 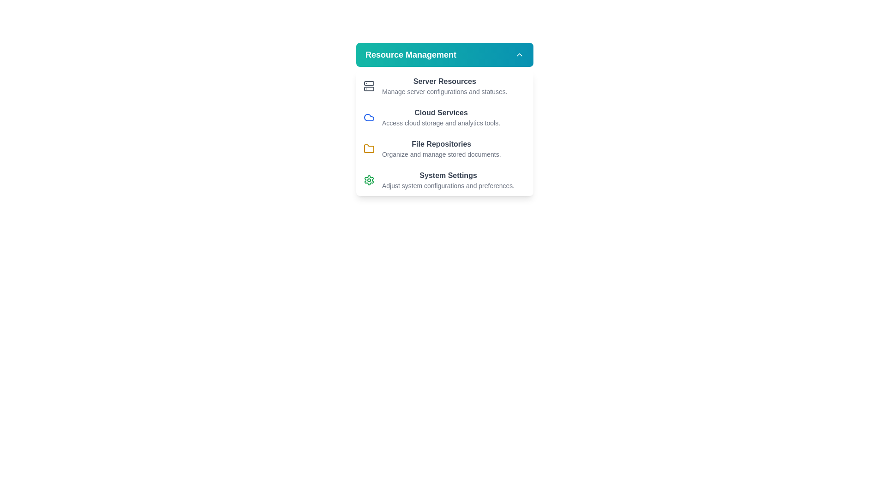 I want to click on the decorative graphic, which is the middle rectangular bar in the SVG server icon located below the top bar and near the 'Server Resources' text, so click(x=369, y=89).